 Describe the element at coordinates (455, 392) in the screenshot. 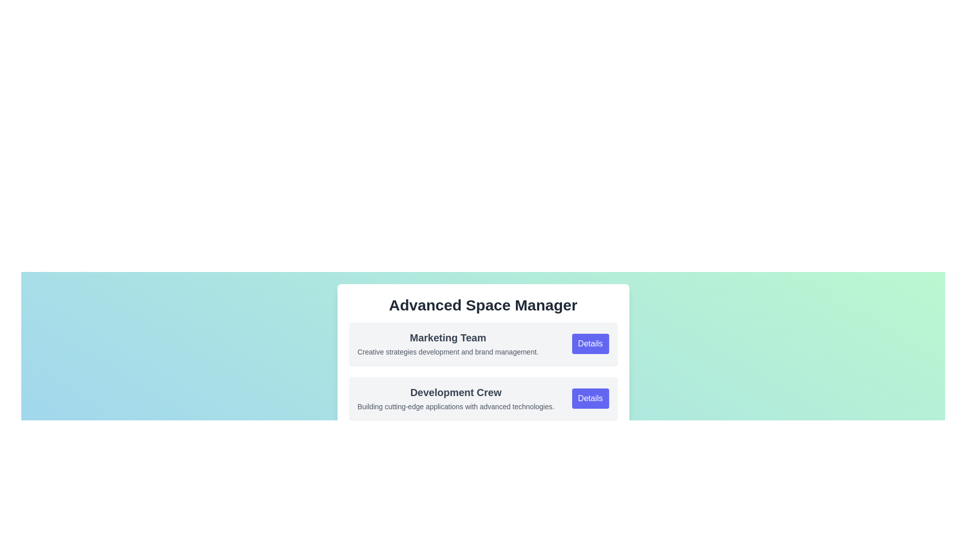

I see `the text label serving as the title for the 'Development Crew' section, located in the 'Advanced Space Manager' panel` at that location.